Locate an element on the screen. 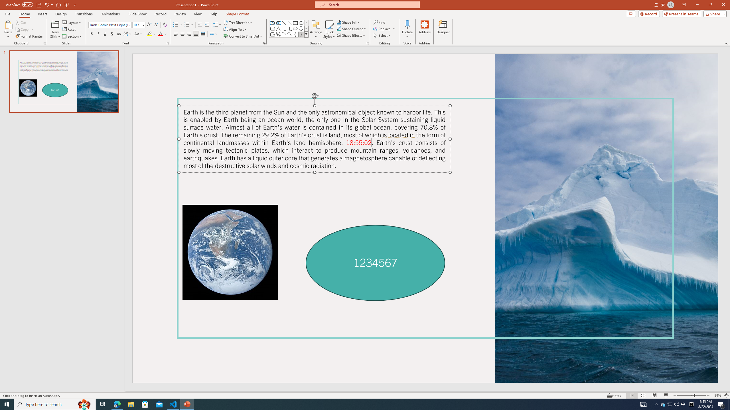 The width and height of the screenshot is (730, 410). 'Increase Font Size' is located at coordinates (149, 25).